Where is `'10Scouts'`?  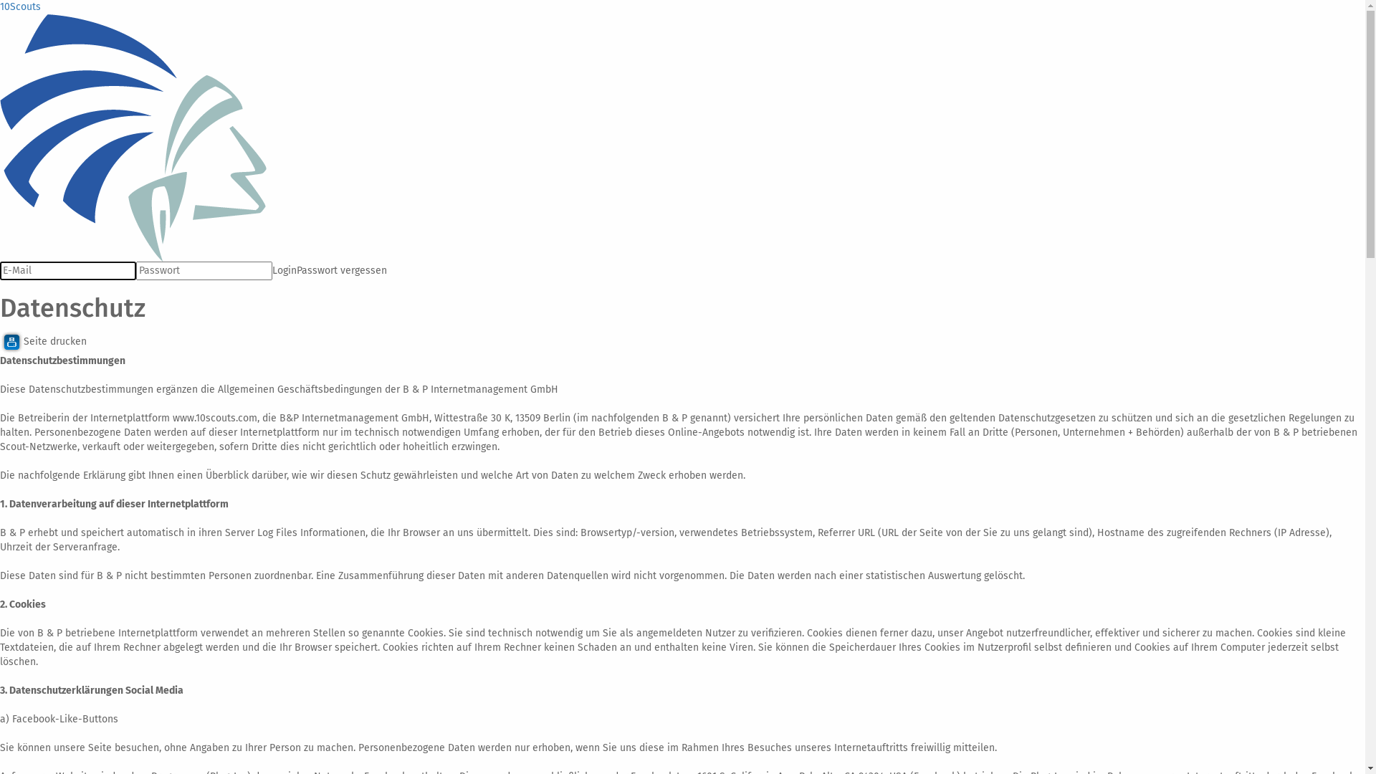 '10Scouts' is located at coordinates (20, 6).